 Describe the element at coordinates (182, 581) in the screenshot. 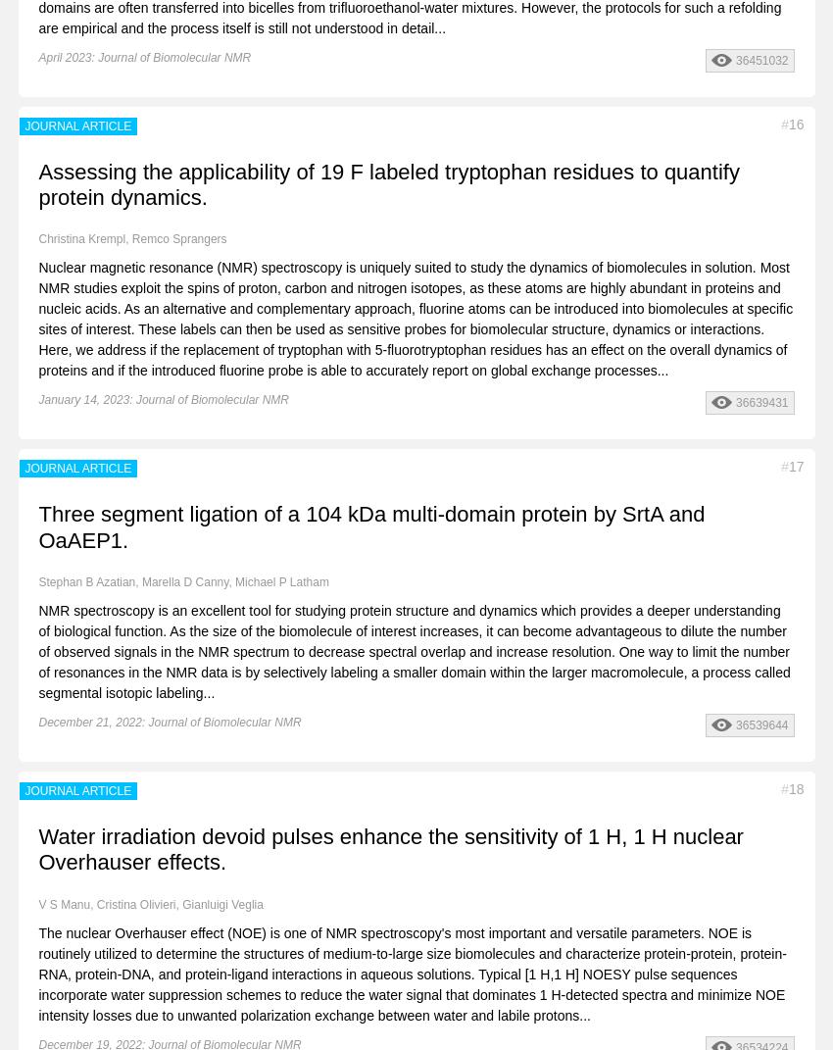

I see `'Stephan B Azatian, Marella D Canny, Michael P Latham'` at that location.